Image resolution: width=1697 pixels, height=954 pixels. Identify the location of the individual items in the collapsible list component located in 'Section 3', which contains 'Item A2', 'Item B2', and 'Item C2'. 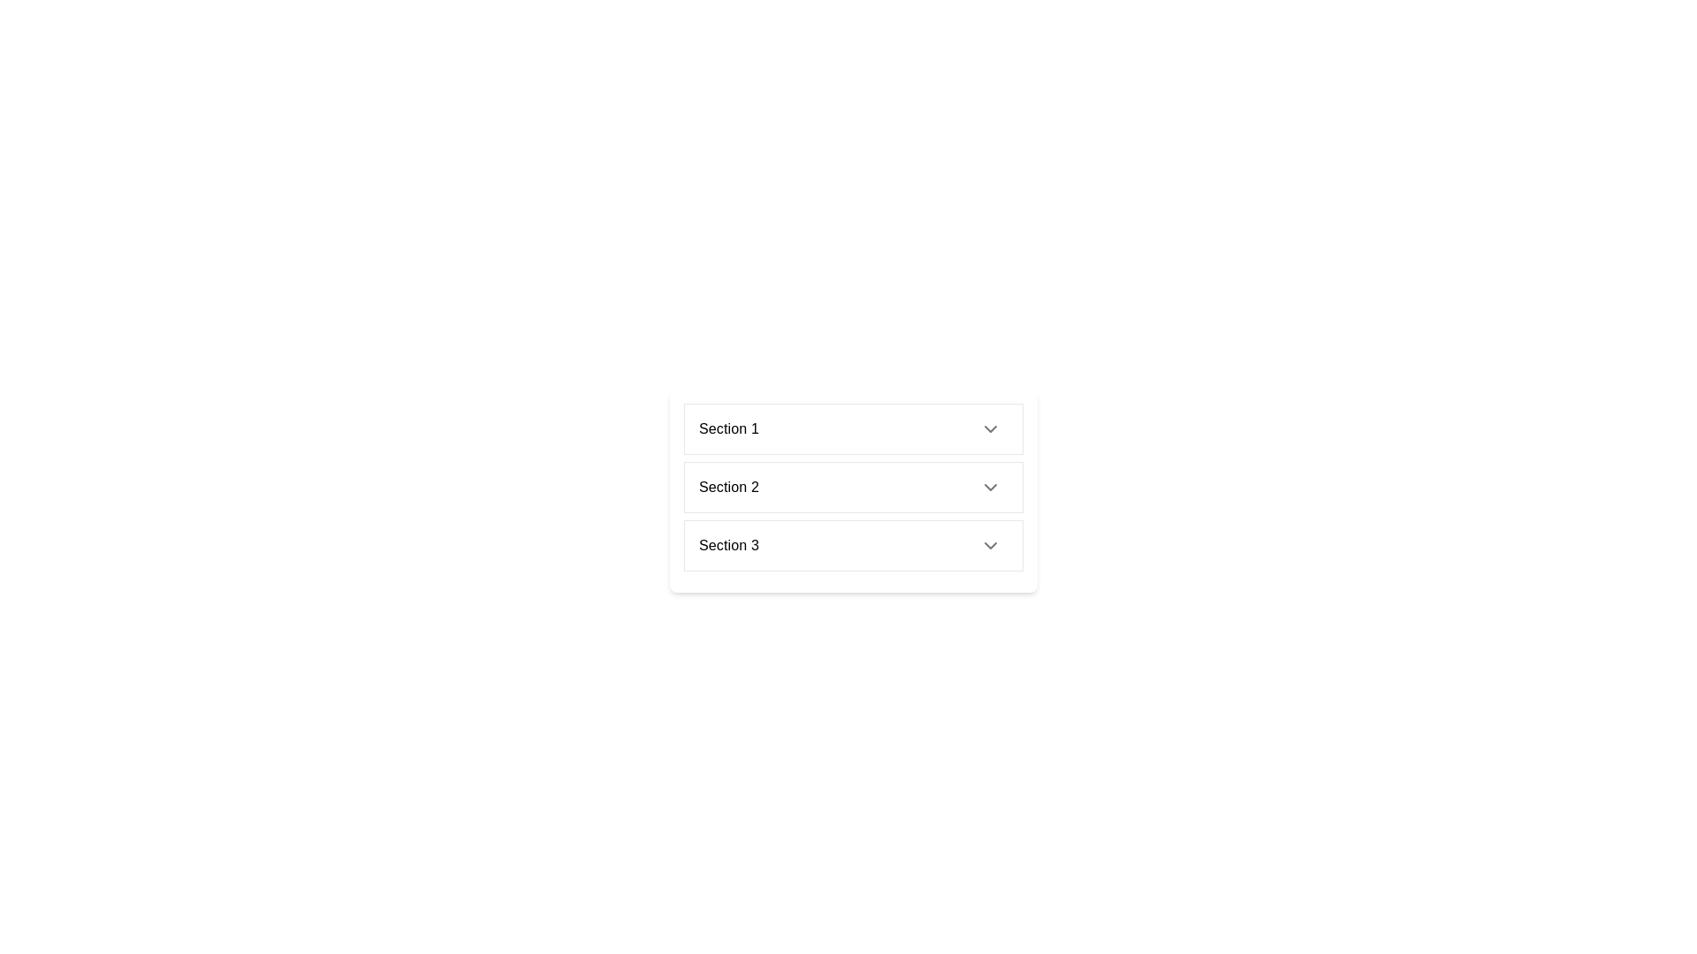
(853, 583).